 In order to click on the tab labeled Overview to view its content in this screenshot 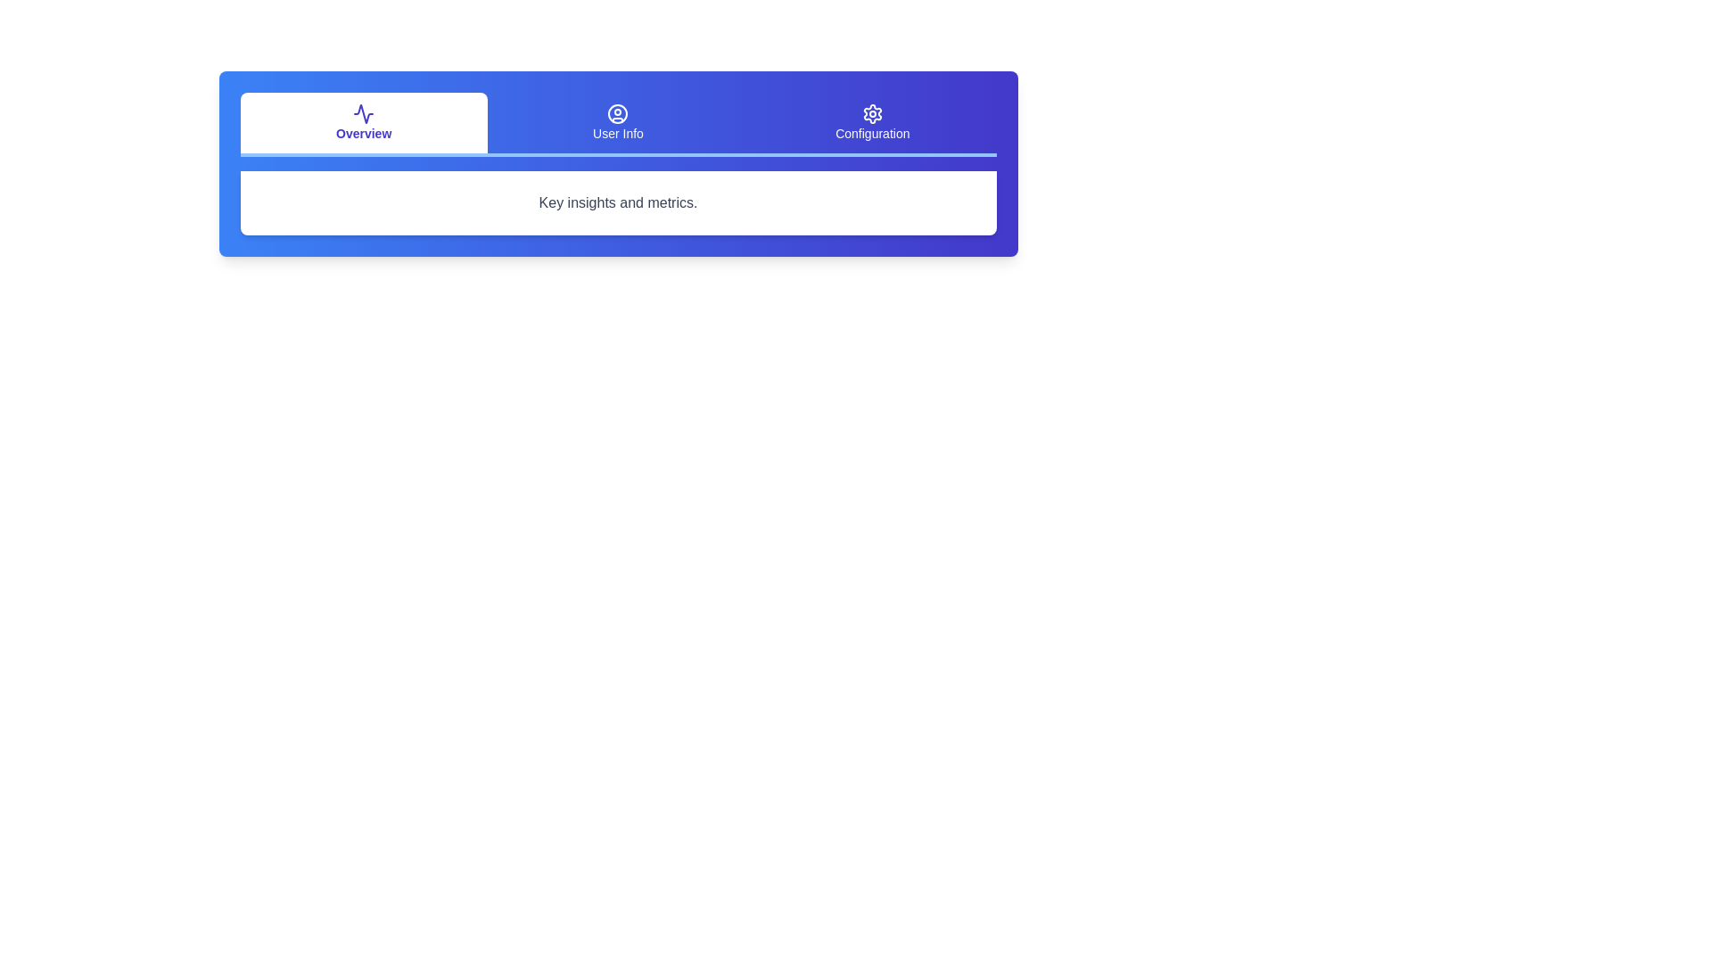, I will do `click(363, 122)`.